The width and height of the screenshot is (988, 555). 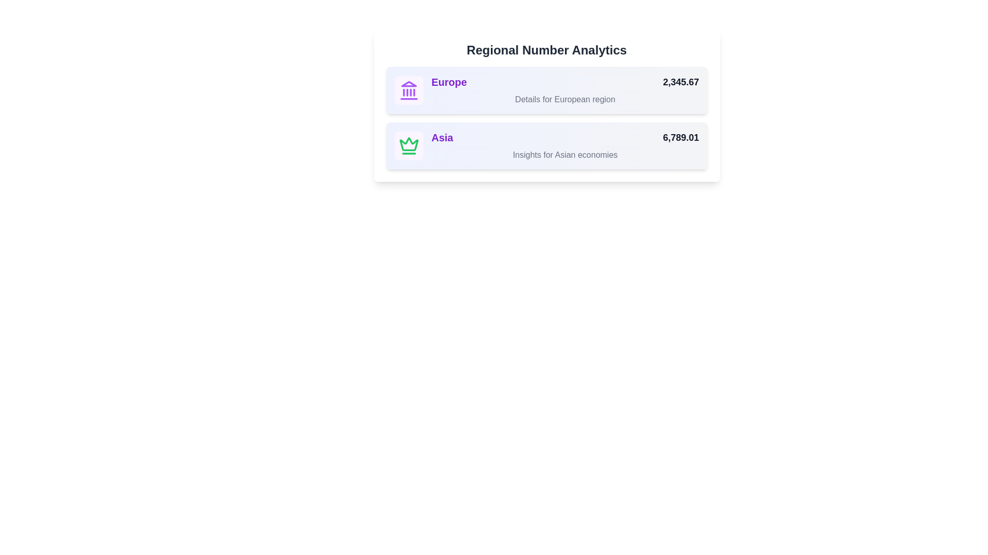 I want to click on the Text label identifying the region 'Asia', located in the second row next to the numerical value '6,789.01' and a crown icon, within the 'Regional Number Analytics' card-styled layout, so click(x=442, y=137).